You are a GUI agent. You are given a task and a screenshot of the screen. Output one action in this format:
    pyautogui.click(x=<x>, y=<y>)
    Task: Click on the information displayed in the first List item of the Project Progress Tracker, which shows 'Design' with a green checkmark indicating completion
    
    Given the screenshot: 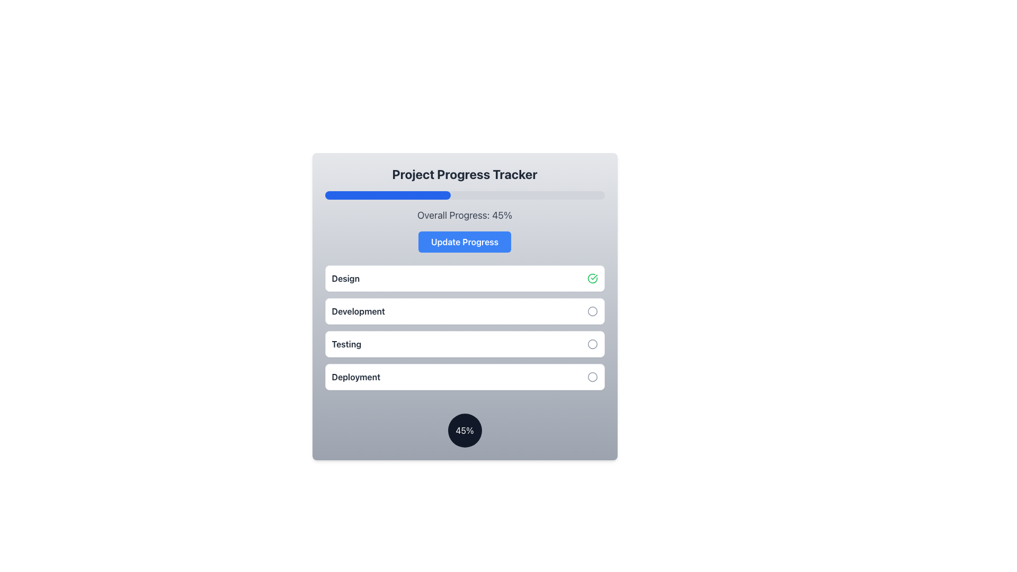 What is the action you would take?
    pyautogui.click(x=465, y=278)
    